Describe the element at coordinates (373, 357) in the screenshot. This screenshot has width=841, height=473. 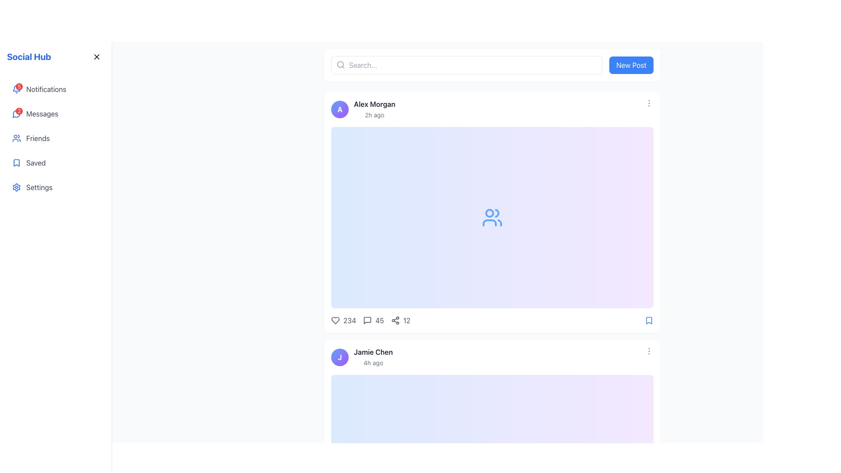
I see `the text display showing the user's name 'Jamie Chen' and the time '4h ago'` at that location.